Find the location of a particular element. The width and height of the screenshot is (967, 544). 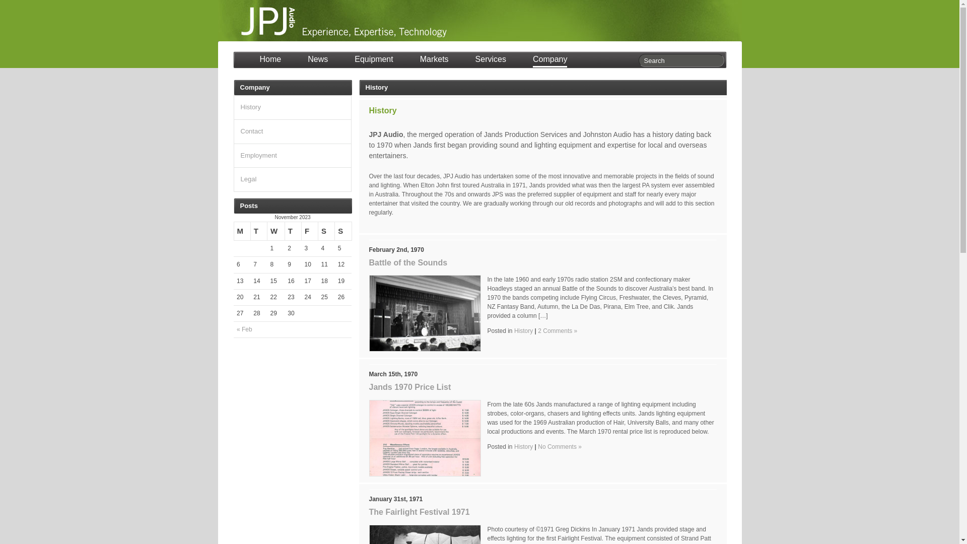

'Jands 1970 Price List' is located at coordinates (409, 386).